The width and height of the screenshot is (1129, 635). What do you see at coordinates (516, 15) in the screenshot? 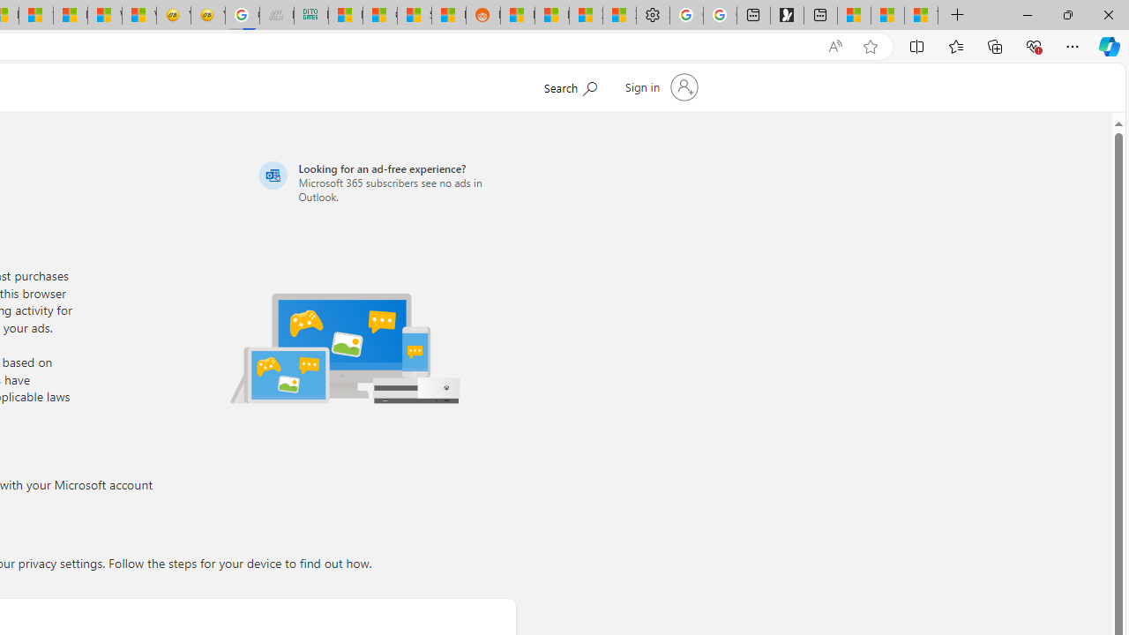
I see `'R******* | Trusted Community Engagement and Contributions'` at bounding box center [516, 15].